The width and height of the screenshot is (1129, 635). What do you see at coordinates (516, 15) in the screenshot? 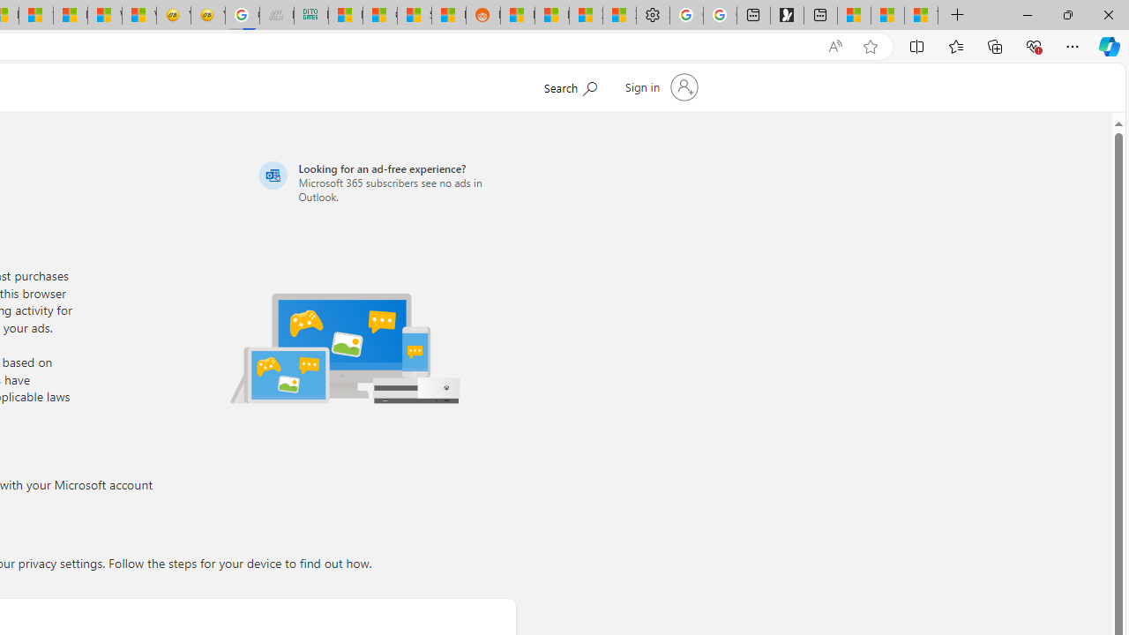
I see `'R******* | Trusted Community Engagement and Contributions'` at bounding box center [516, 15].